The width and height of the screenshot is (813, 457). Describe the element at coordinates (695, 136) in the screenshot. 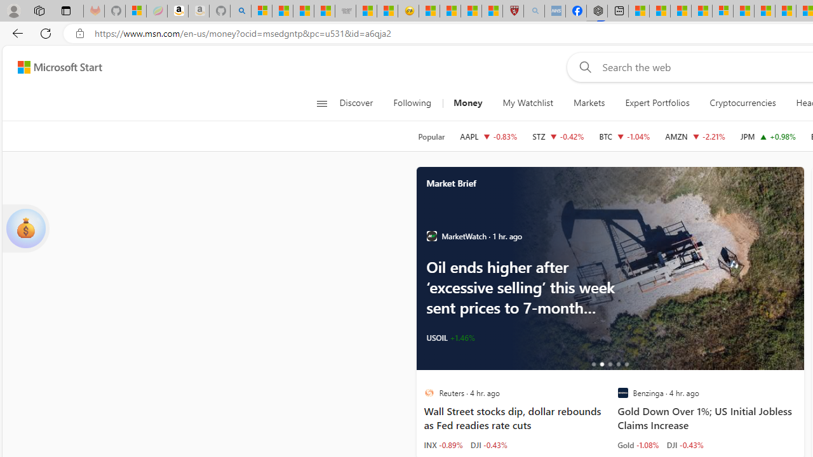

I see `'AMZN AMAZON.COM, INC. decrease 176.13 -3.98 -2.21%'` at that location.